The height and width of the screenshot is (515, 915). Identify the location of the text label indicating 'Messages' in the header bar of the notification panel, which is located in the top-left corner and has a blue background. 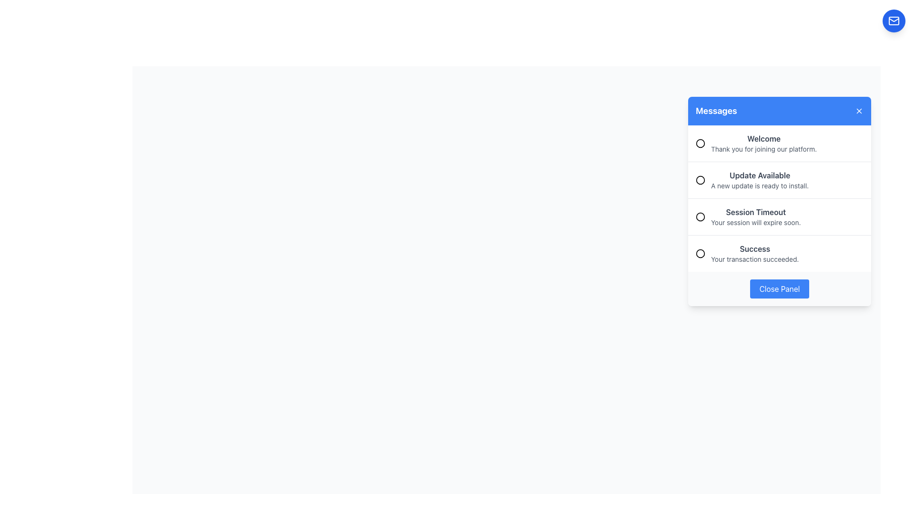
(716, 110).